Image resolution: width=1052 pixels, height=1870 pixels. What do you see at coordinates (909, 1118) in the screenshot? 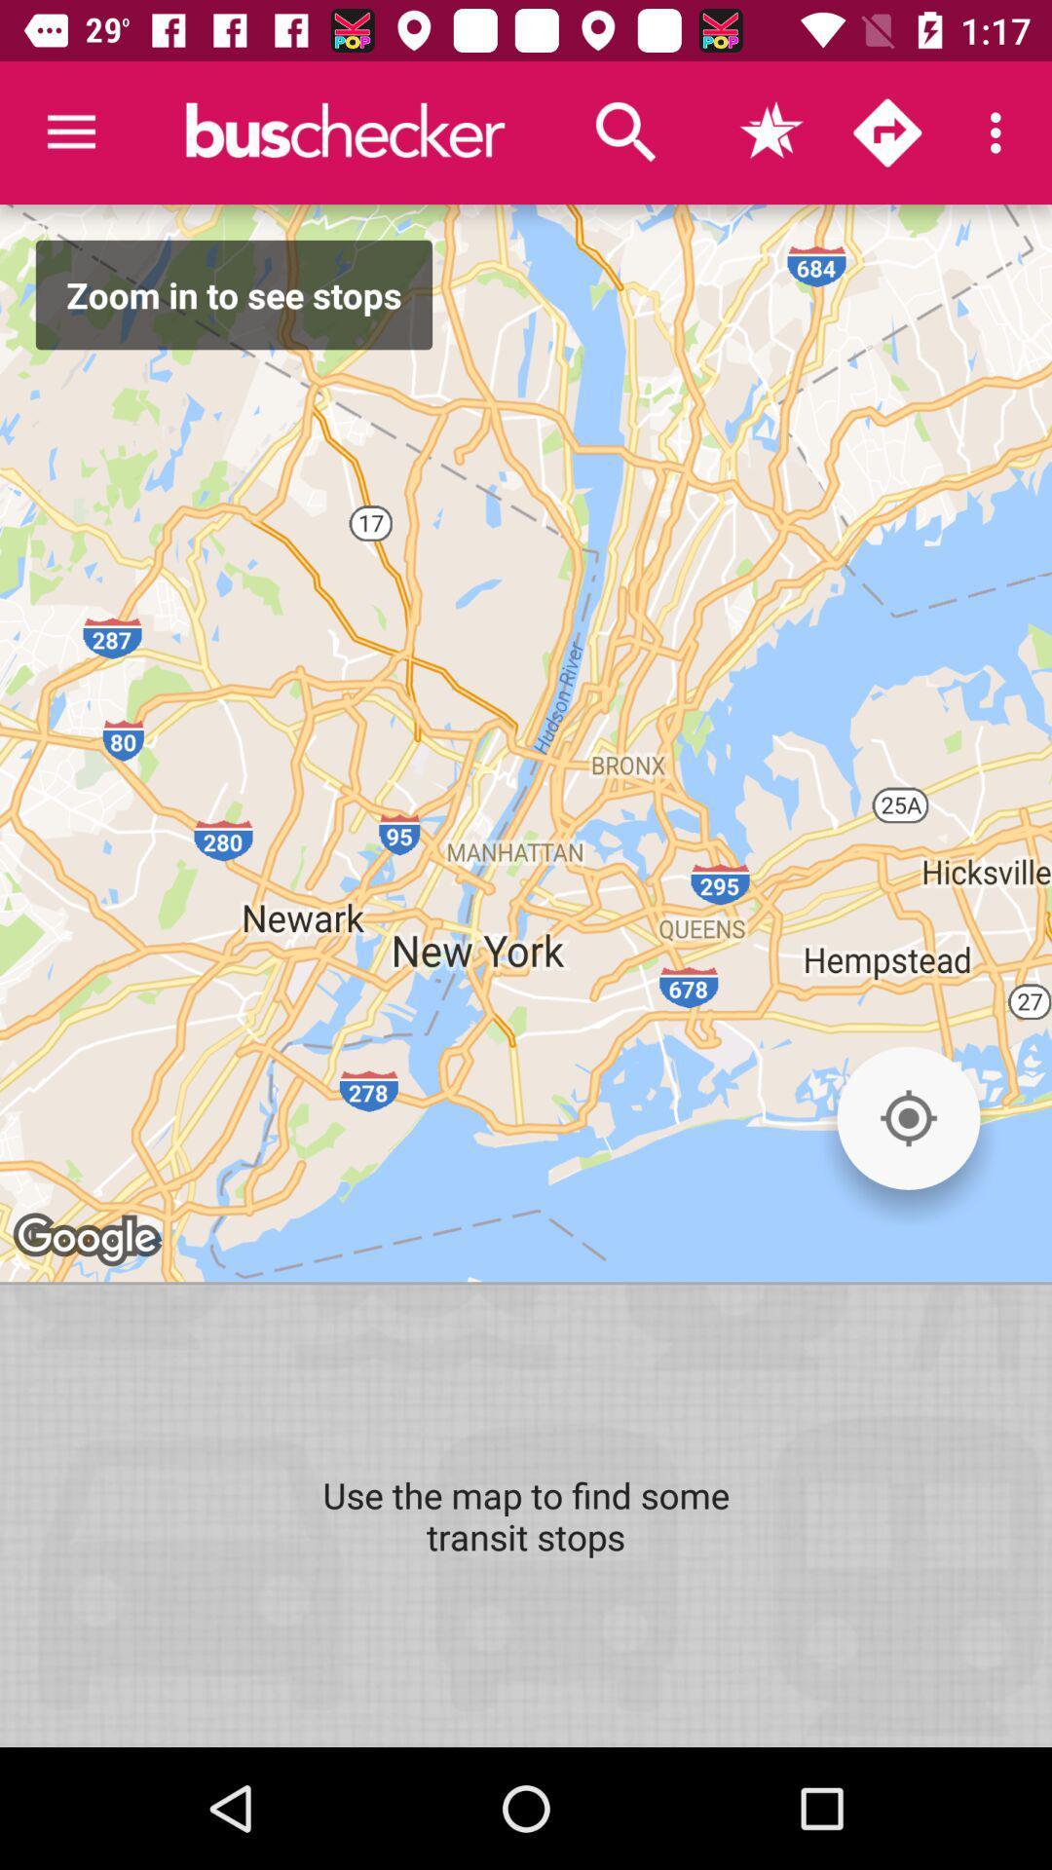
I see `the icon on the right` at bounding box center [909, 1118].